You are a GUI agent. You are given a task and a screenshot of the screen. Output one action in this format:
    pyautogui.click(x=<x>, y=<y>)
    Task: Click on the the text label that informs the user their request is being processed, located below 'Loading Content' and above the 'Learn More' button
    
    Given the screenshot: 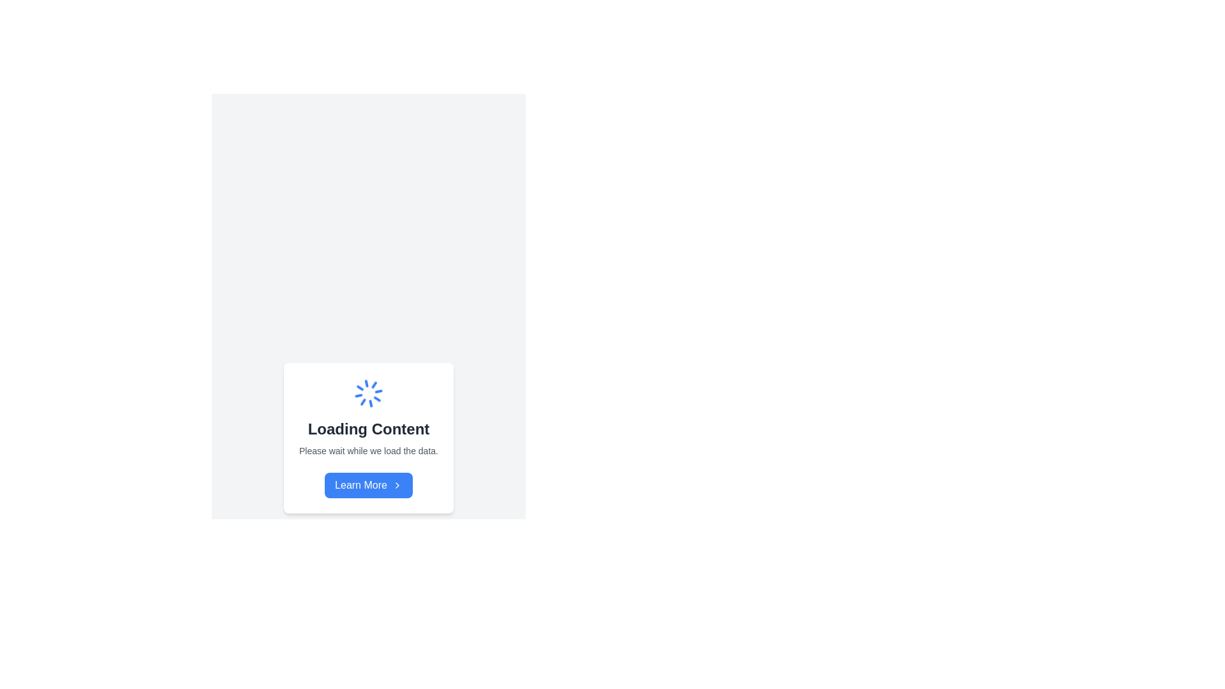 What is the action you would take?
    pyautogui.click(x=367, y=450)
    